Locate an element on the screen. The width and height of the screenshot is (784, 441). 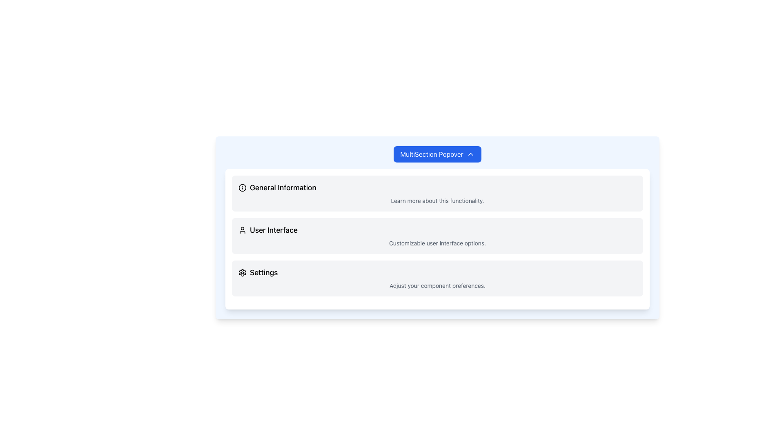
information displayed in the Informational Section titled 'User Interface', which includes the description 'Customizable user interface options.' is located at coordinates (437, 236).